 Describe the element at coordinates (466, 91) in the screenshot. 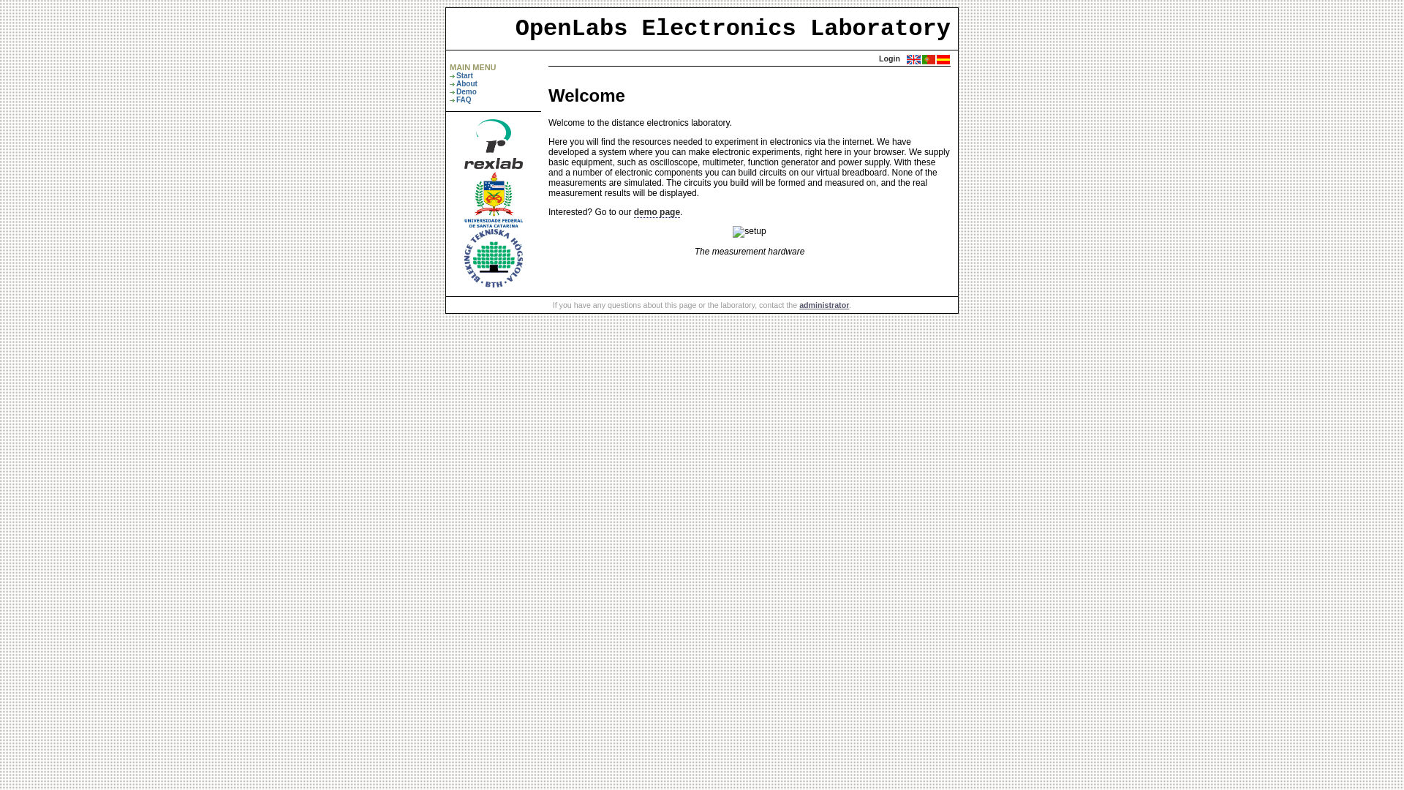

I see `'Demo'` at that location.